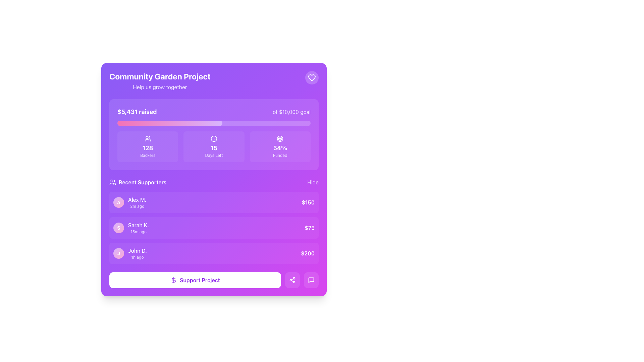 Image resolution: width=644 pixels, height=362 pixels. What do you see at coordinates (113, 182) in the screenshot?
I see `the icon representing the 'Recent Supporters' section, located to the left of the section title` at bounding box center [113, 182].